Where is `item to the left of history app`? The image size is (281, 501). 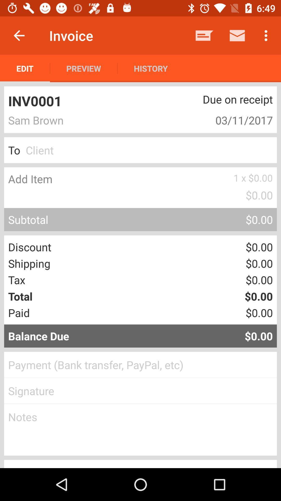
item to the left of history app is located at coordinates (83, 68).